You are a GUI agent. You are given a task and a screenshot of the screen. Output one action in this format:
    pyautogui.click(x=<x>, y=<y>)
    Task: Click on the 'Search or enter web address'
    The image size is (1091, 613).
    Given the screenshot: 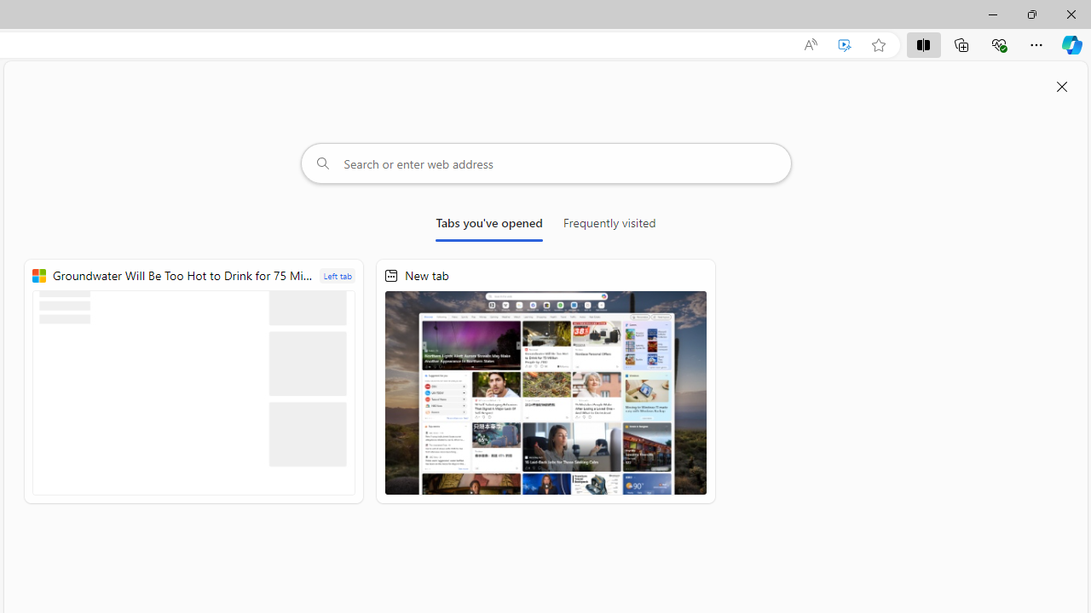 What is the action you would take?
    pyautogui.click(x=545, y=163)
    